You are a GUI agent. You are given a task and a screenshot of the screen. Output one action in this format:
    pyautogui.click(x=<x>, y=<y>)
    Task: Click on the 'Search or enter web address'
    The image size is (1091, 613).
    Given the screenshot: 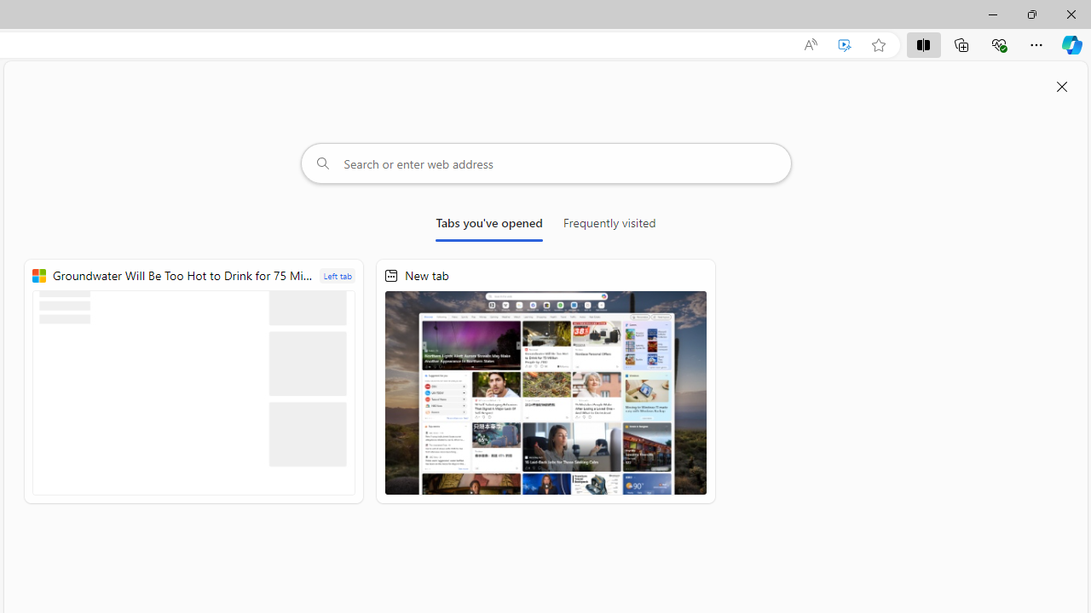 What is the action you would take?
    pyautogui.click(x=545, y=163)
    